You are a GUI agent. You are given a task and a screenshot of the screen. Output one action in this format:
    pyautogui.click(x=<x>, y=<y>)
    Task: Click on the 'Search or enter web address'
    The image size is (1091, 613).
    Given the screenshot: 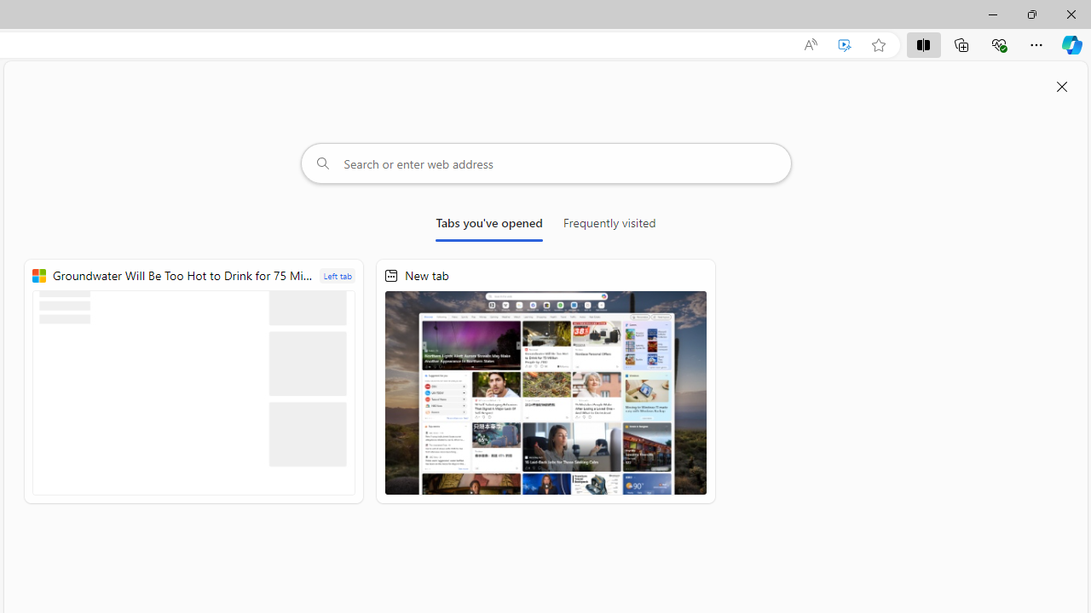 What is the action you would take?
    pyautogui.click(x=545, y=163)
    